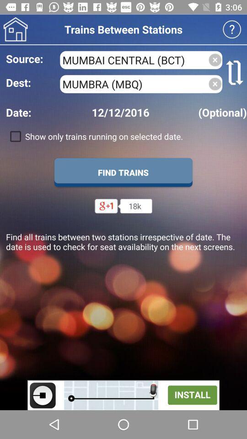 The height and width of the screenshot is (439, 247). I want to click on help, so click(232, 29).